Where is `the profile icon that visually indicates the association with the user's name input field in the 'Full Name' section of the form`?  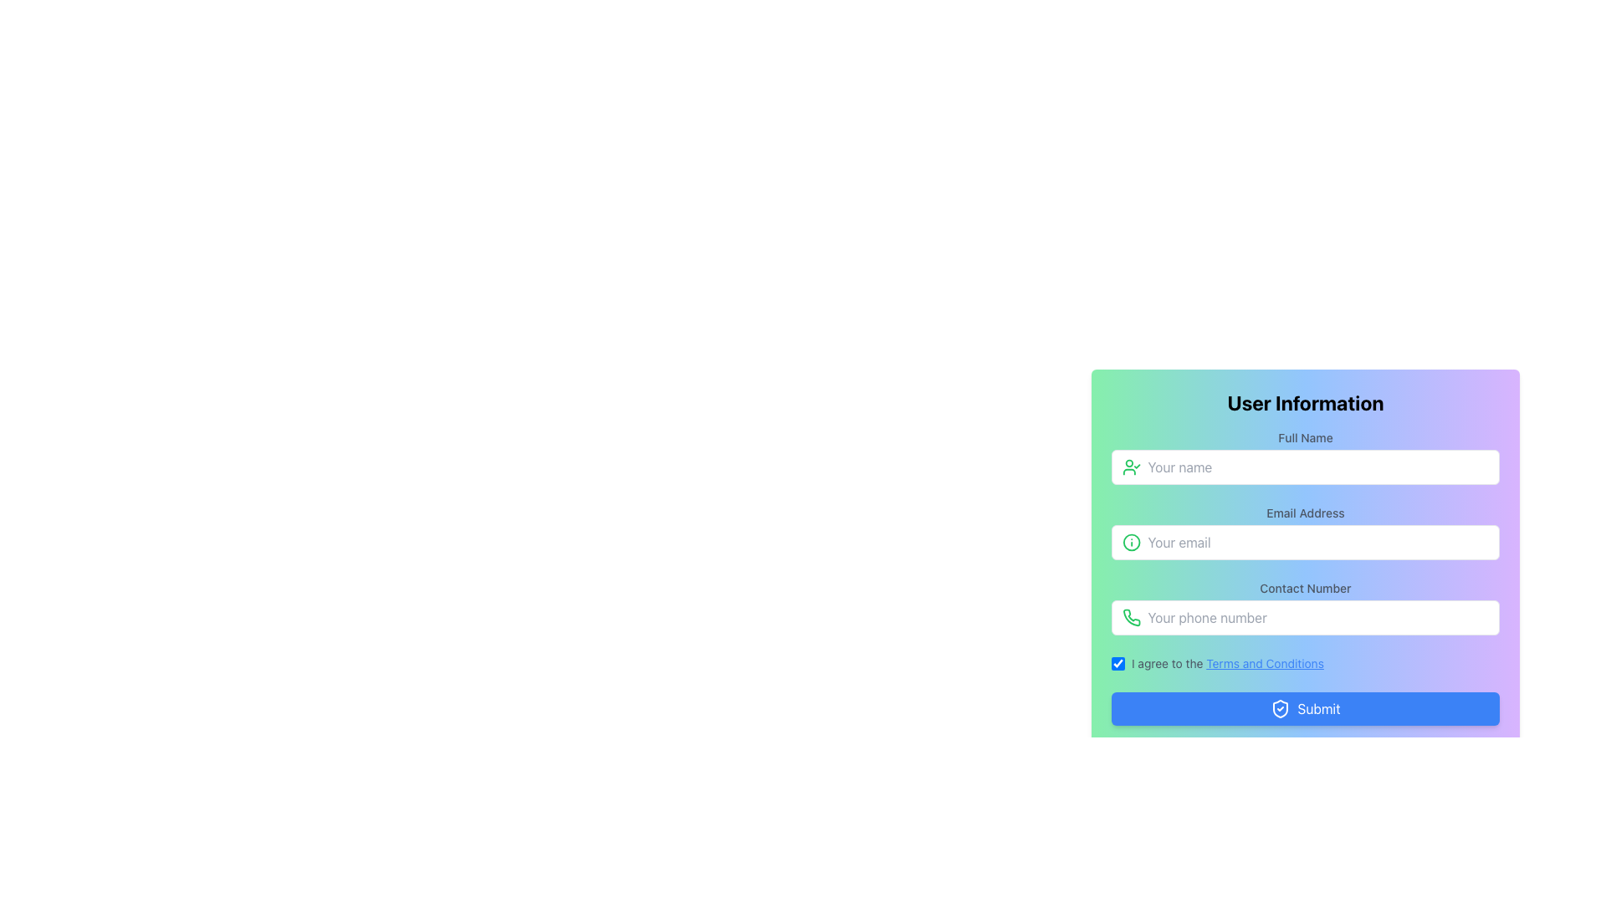
the profile icon that visually indicates the association with the user's name input field in the 'Full Name' section of the form is located at coordinates (1132, 467).